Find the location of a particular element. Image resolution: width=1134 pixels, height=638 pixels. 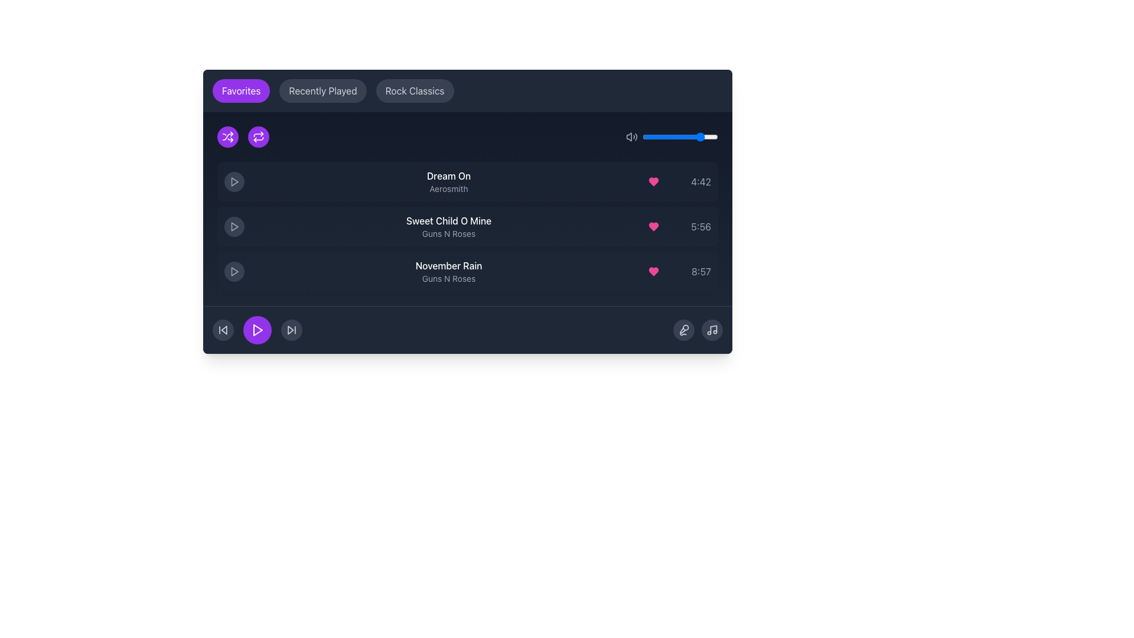

the play icon button in the second row of the musical playlist is located at coordinates (234, 271).